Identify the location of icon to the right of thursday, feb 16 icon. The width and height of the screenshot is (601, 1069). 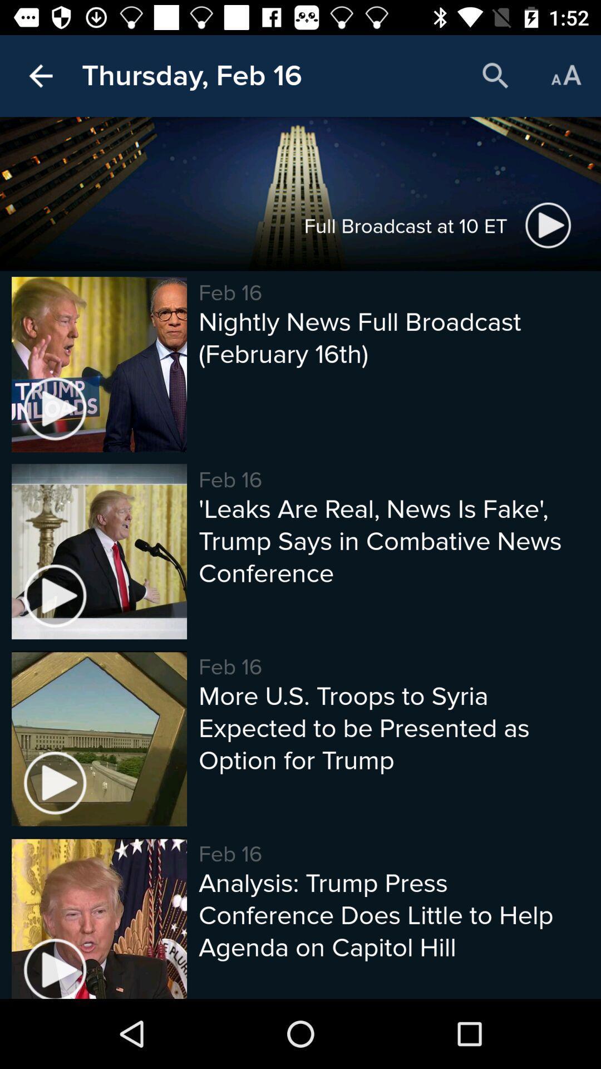
(495, 75).